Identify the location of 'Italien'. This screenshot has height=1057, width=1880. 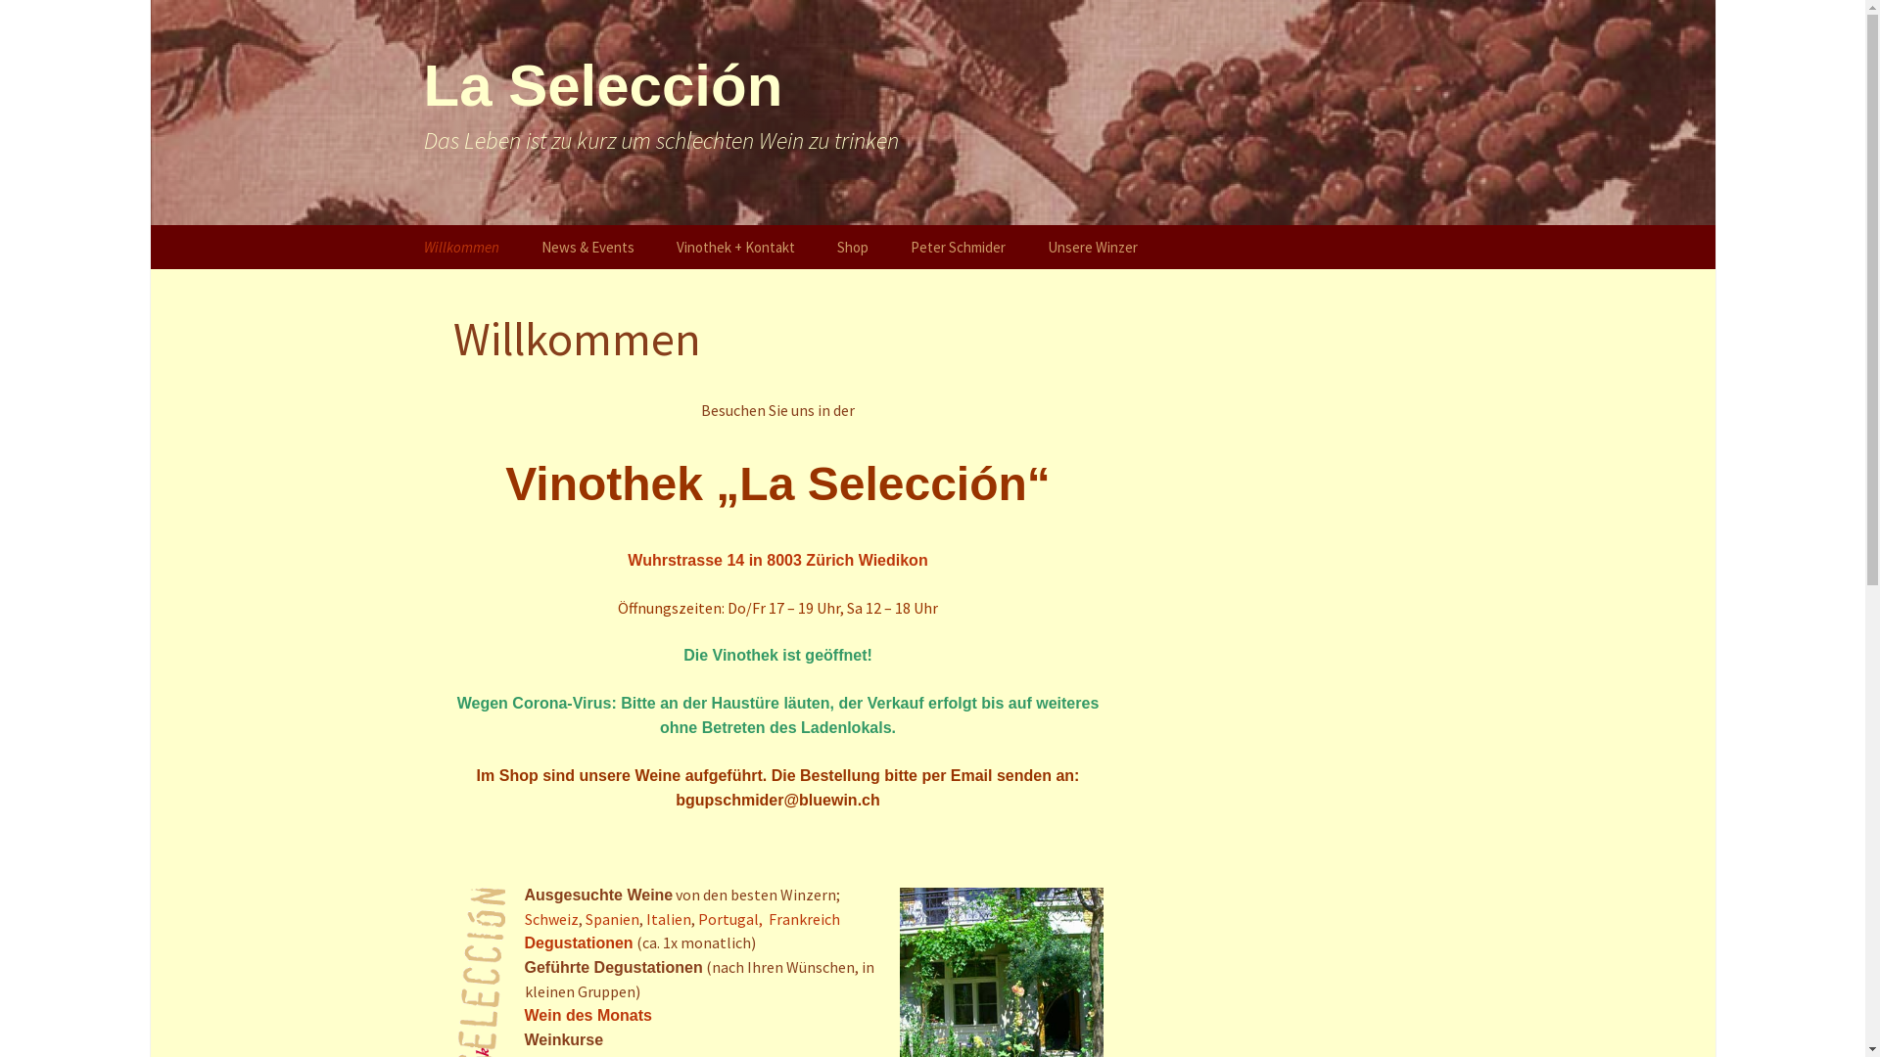
(668, 918).